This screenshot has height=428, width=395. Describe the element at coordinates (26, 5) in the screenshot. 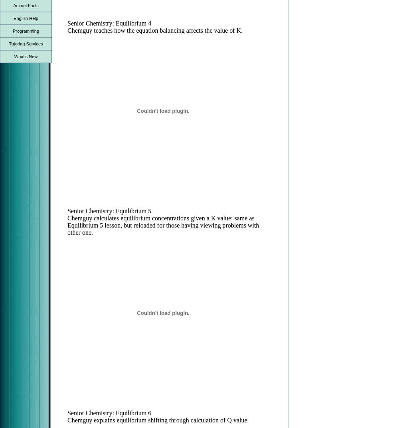

I see `'Animal Facts'` at that location.